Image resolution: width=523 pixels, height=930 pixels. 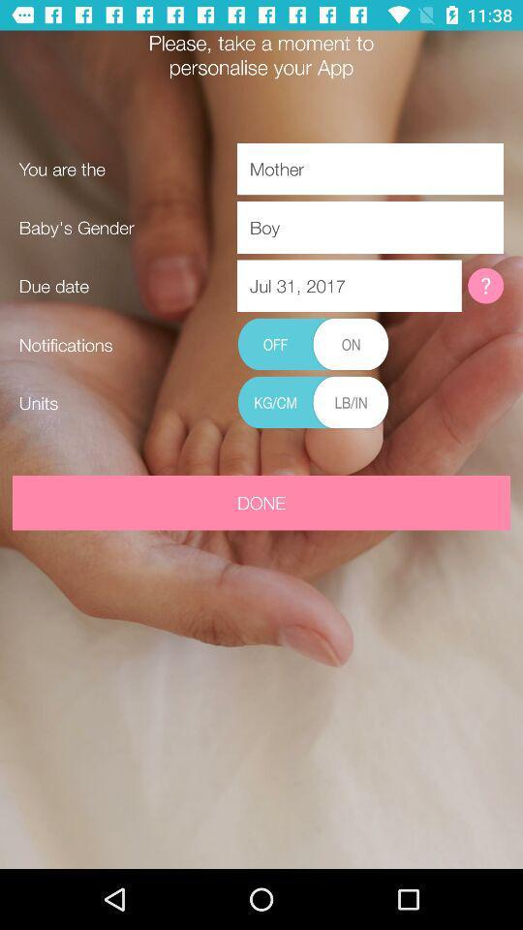 What do you see at coordinates (313, 402) in the screenshot?
I see `unit option` at bounding box center [313, 402].